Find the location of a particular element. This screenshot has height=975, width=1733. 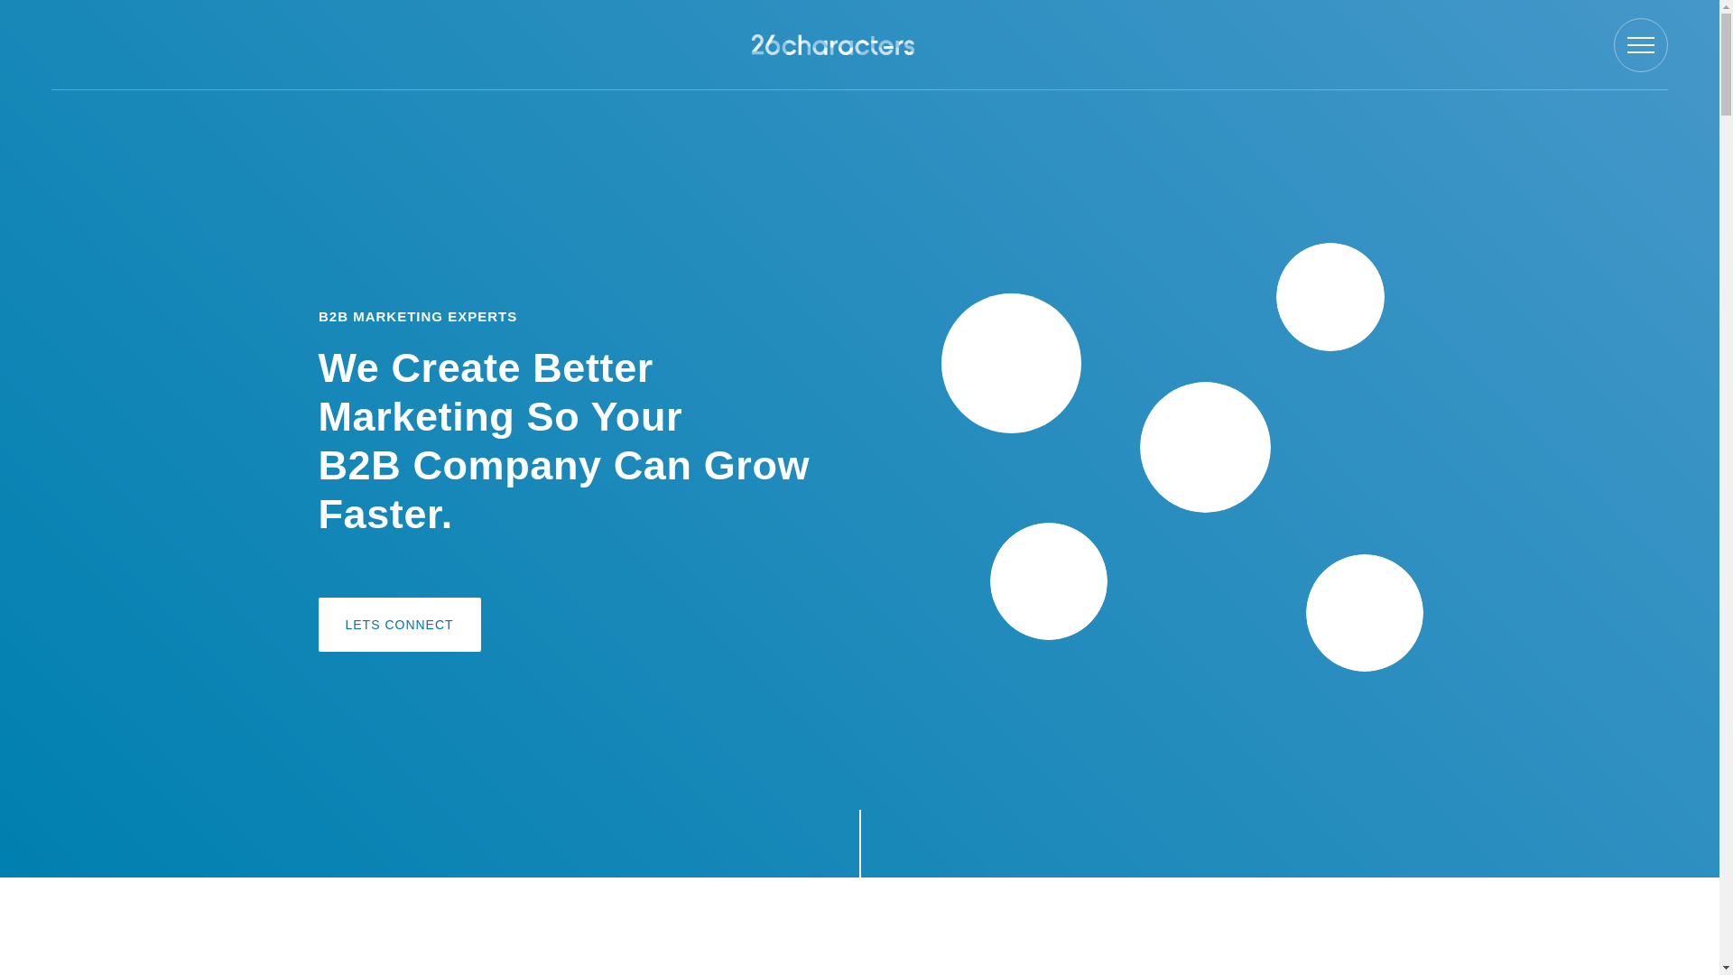

'LETS CONNECT' is located at coordinates (397, 623).